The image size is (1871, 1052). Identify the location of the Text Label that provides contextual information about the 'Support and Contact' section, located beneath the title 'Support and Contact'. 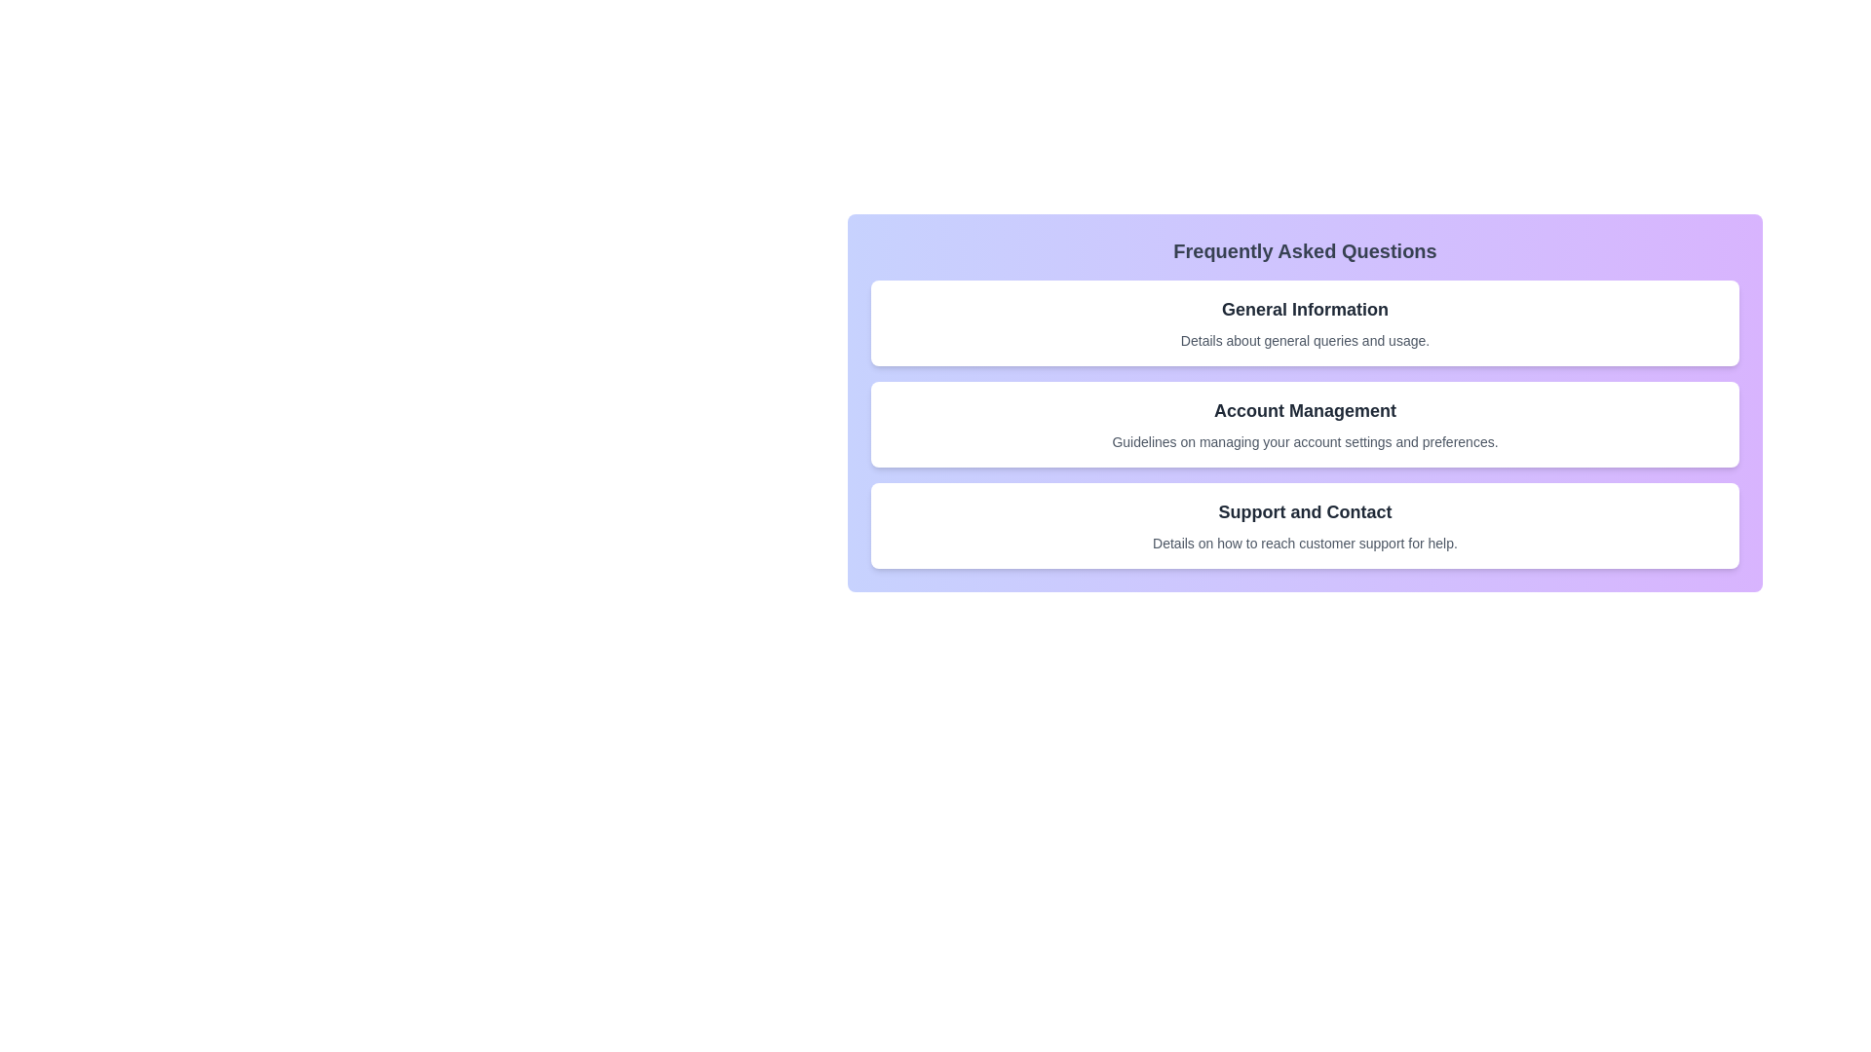
(1305, 544).